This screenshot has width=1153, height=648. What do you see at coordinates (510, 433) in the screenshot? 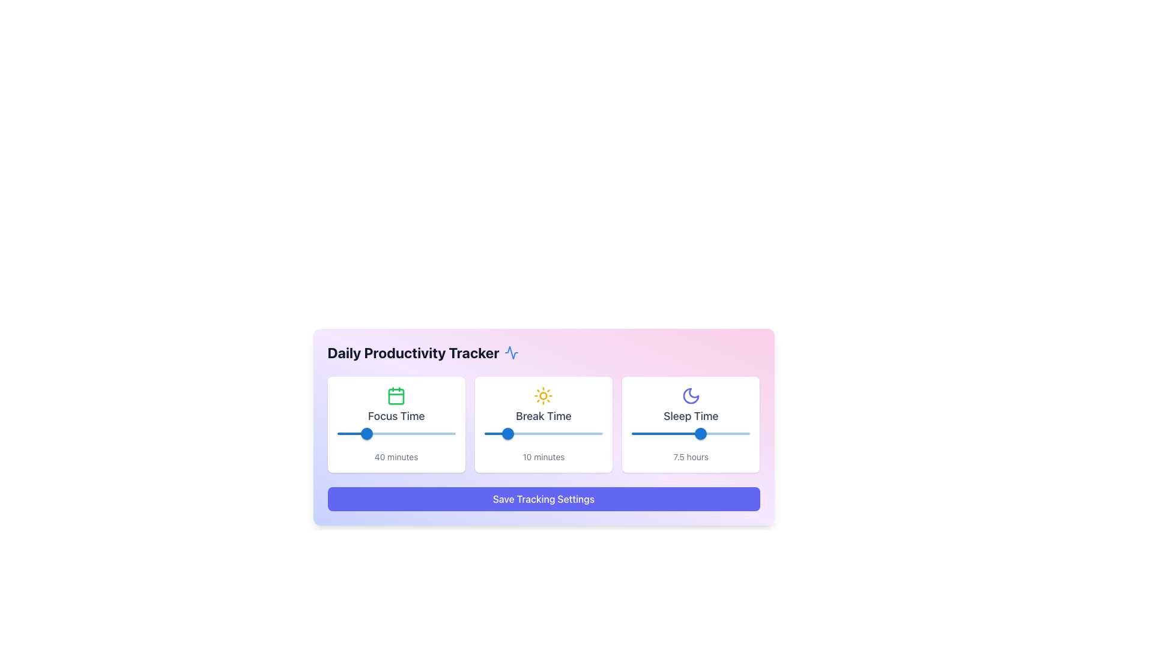
I see `break time` at bounding box center [510, 433].